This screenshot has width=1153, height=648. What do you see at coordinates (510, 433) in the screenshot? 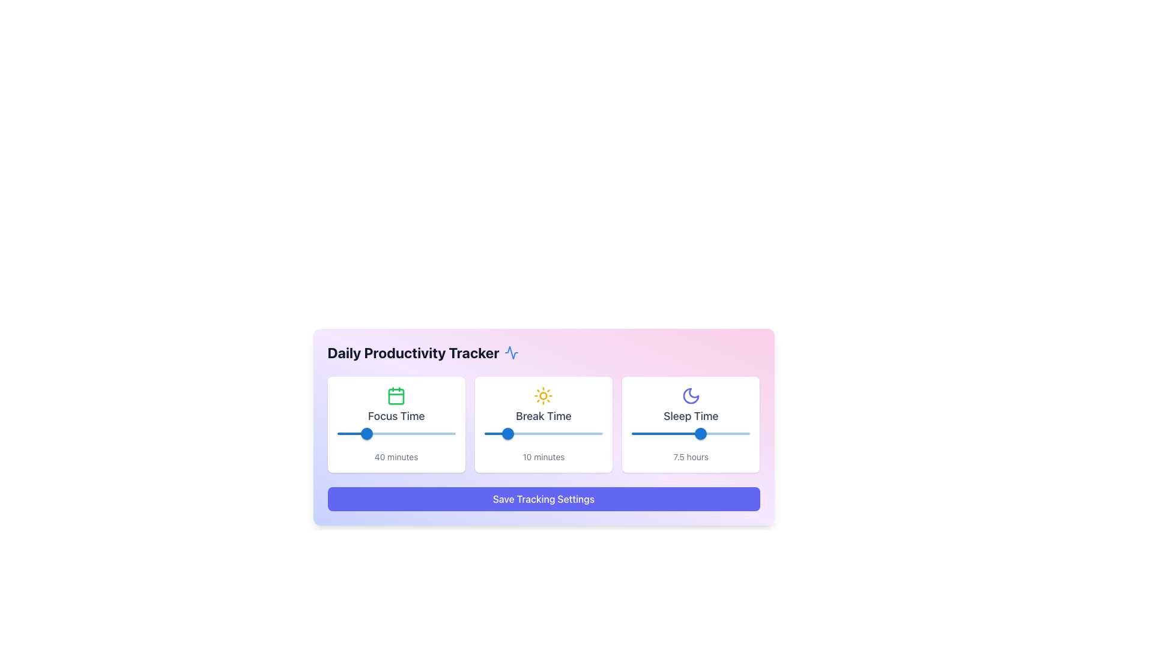
I see `break time` at bounding box center [510, 433].